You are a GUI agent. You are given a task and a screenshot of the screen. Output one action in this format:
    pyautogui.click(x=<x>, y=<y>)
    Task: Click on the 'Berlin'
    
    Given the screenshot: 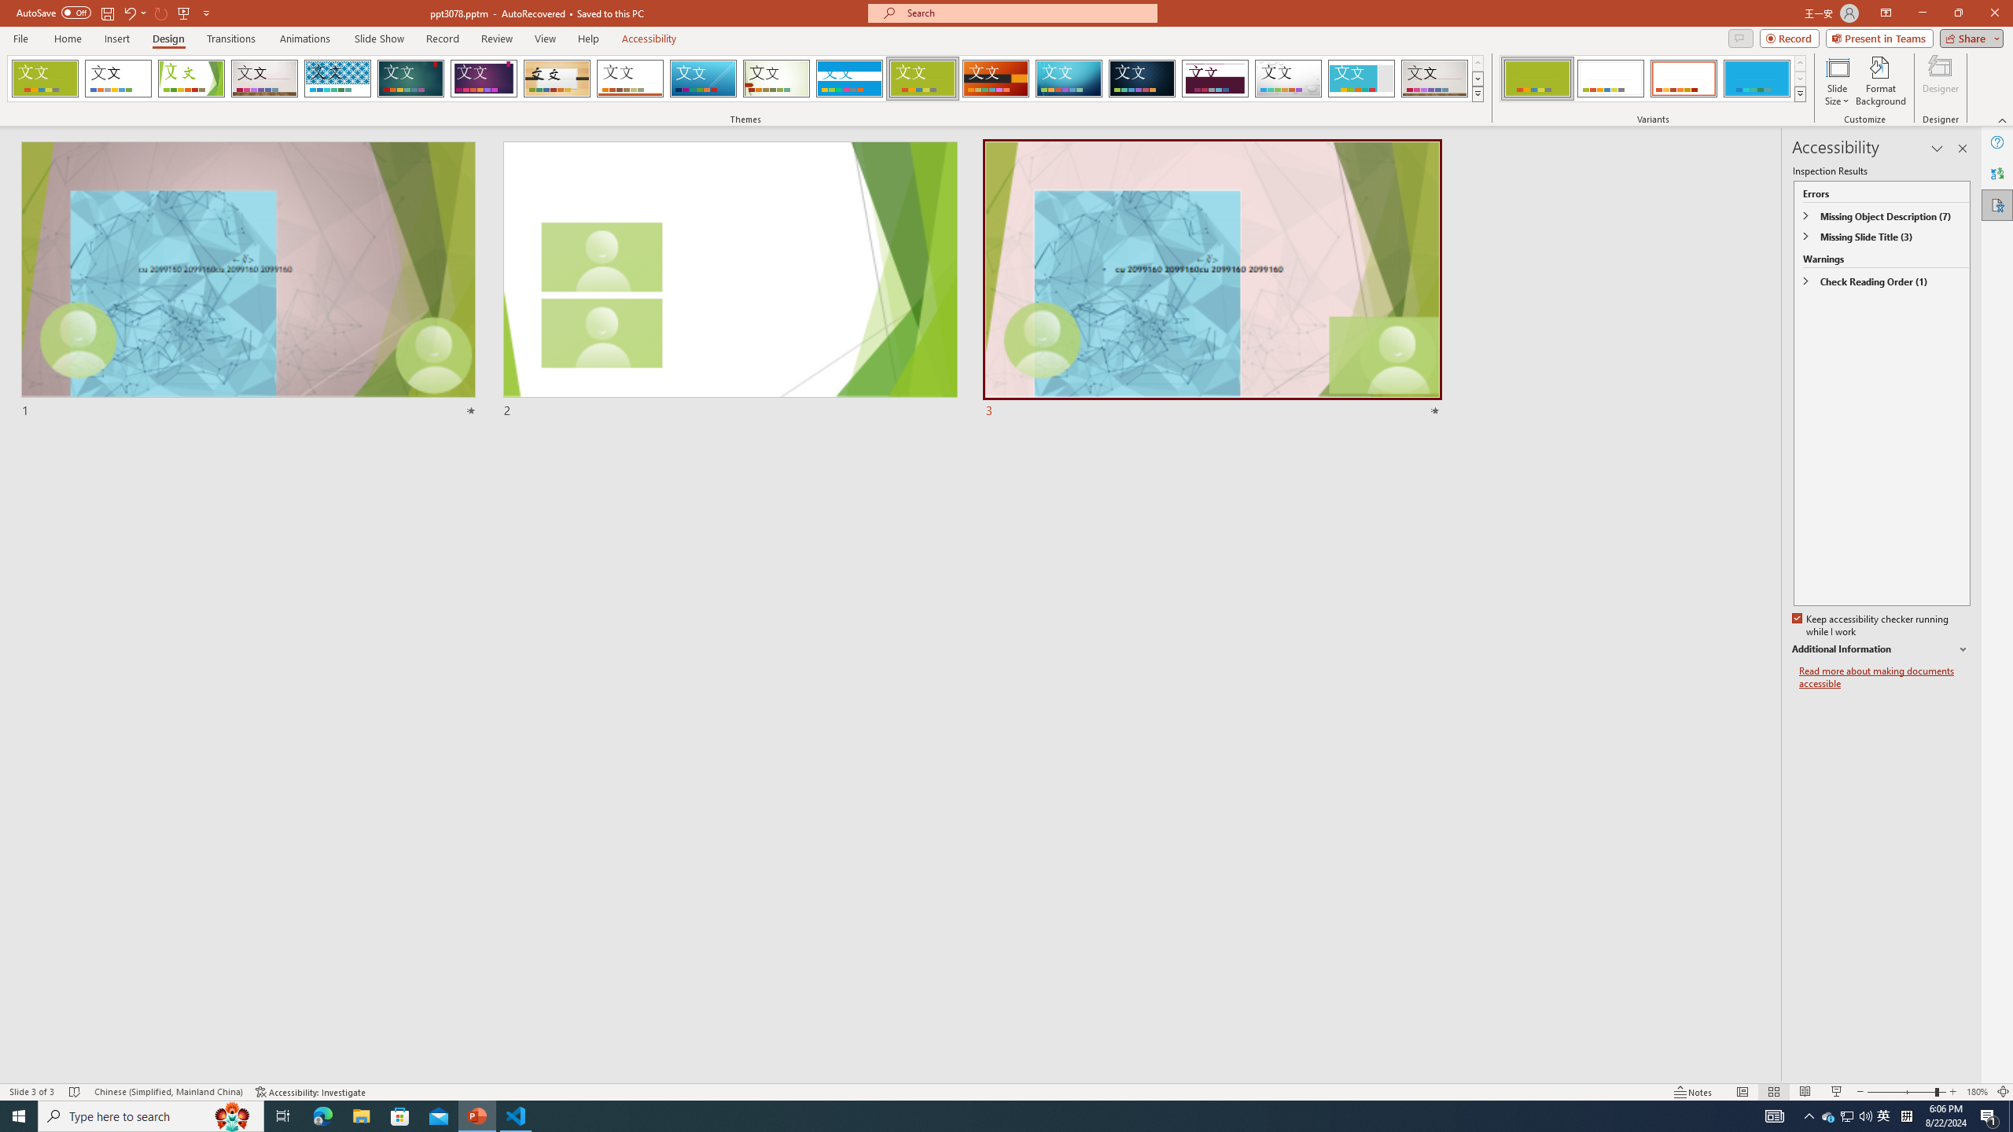 What is the action you would take?
    pyautogui.click(x=996, y=78)
    